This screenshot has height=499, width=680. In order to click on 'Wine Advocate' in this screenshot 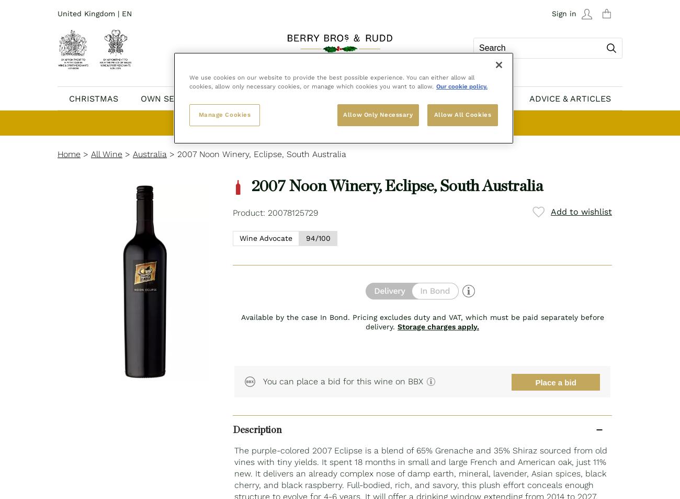, I will do `click(266, 237)`.